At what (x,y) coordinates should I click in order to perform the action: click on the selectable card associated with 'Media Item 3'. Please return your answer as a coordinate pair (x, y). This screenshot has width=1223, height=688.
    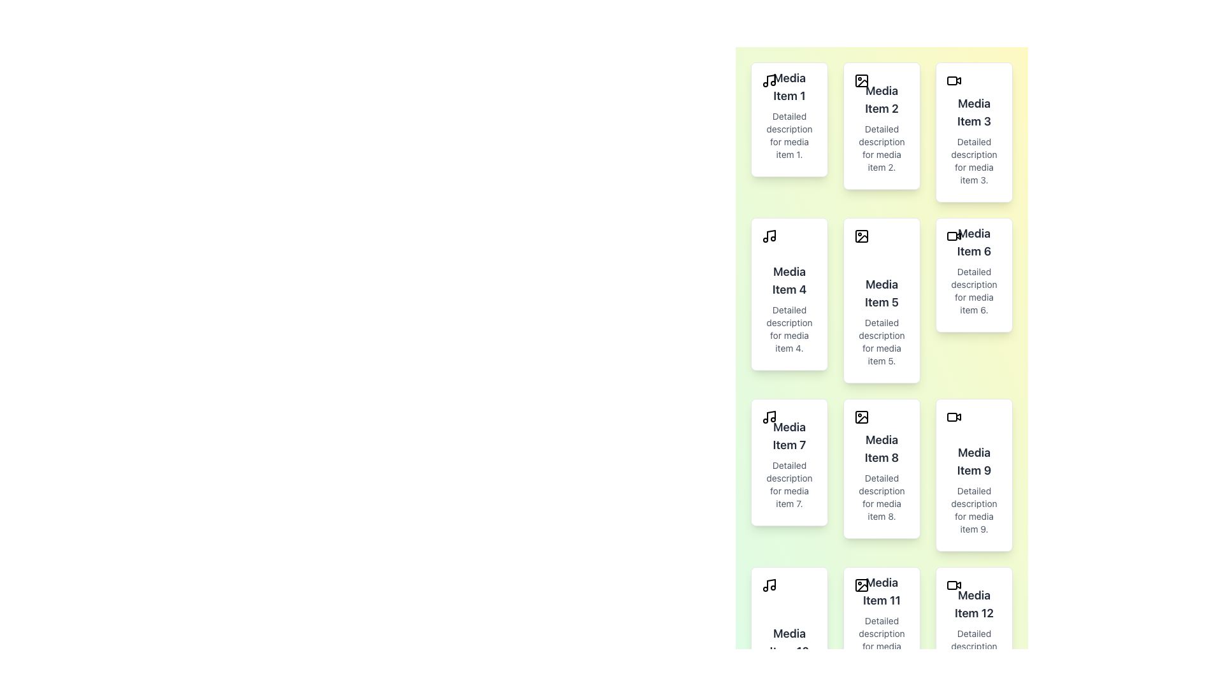
    Looking at the image, I should click on (973, 133).